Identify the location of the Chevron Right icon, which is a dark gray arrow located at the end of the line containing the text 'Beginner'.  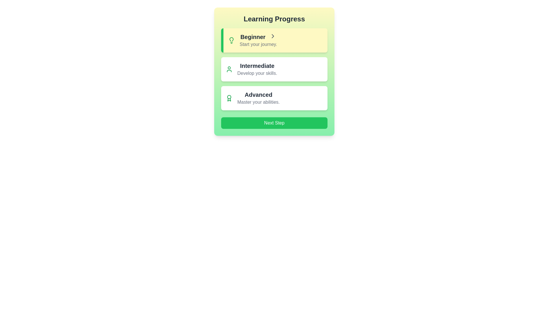
(272, 37).